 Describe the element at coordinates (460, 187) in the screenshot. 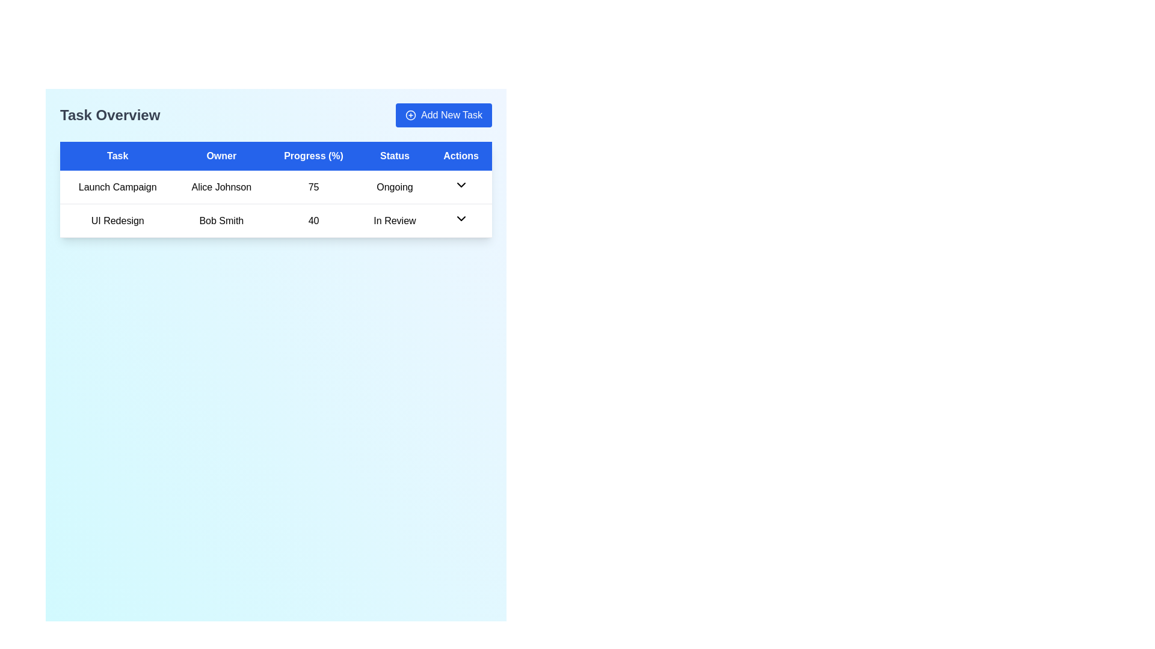

I see `the dropdown toggle icon in the 'Actions' column of the row labeled 'Launch Campaign'` at that location.